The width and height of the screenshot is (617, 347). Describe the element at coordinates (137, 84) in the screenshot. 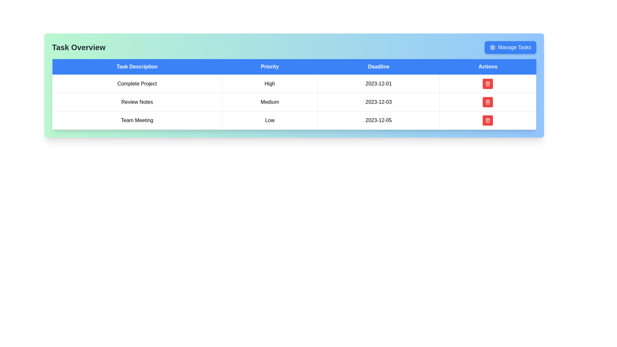

I see `the text display element that shows 'Complete Project', which is the first entry in the 'Task Description' column` at that location.